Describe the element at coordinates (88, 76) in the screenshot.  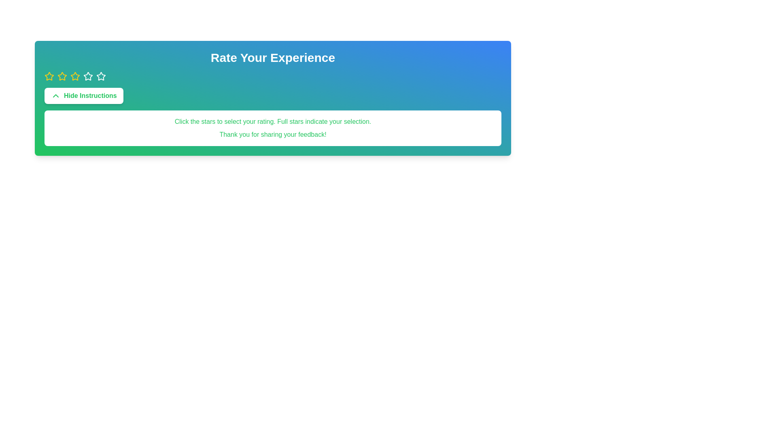
I see `the rating` at that location.